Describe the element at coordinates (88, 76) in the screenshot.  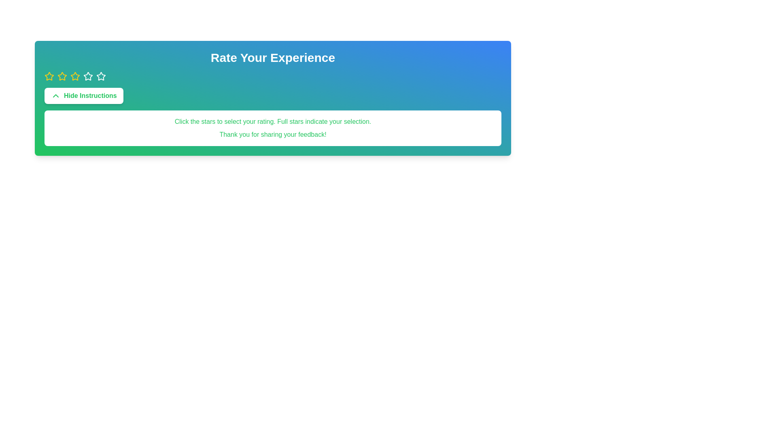
I see `the rating` at that location.